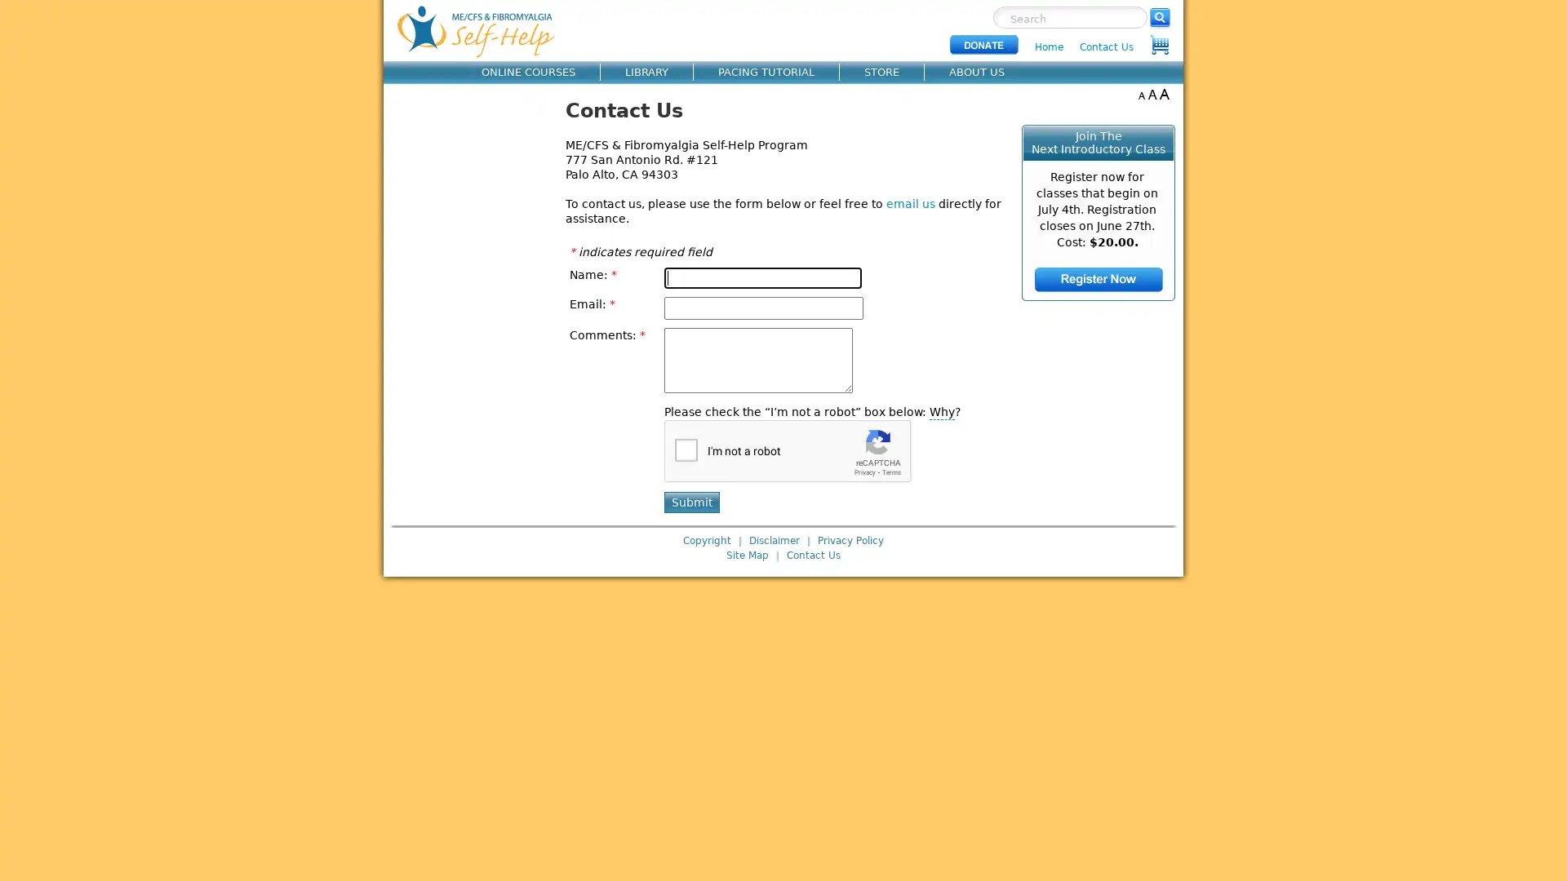 The width and height of the screenshot is (1567, 881). Describe the element at coordinates (1163, 94) in the screenshot. I see `A` at that location.